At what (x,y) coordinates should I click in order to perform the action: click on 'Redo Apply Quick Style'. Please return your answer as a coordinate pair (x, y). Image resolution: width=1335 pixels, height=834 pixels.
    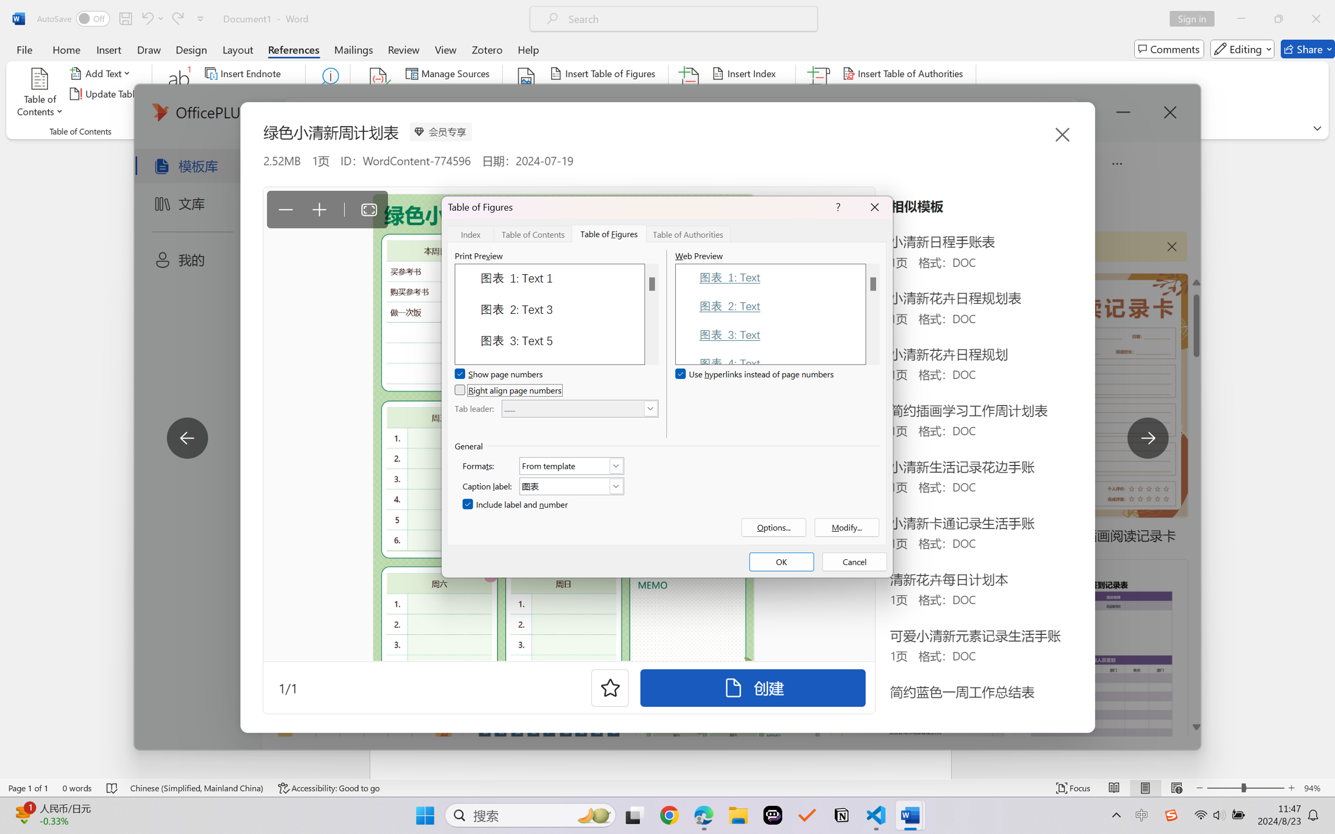
    Looking at the image, I should click on (177, 18).